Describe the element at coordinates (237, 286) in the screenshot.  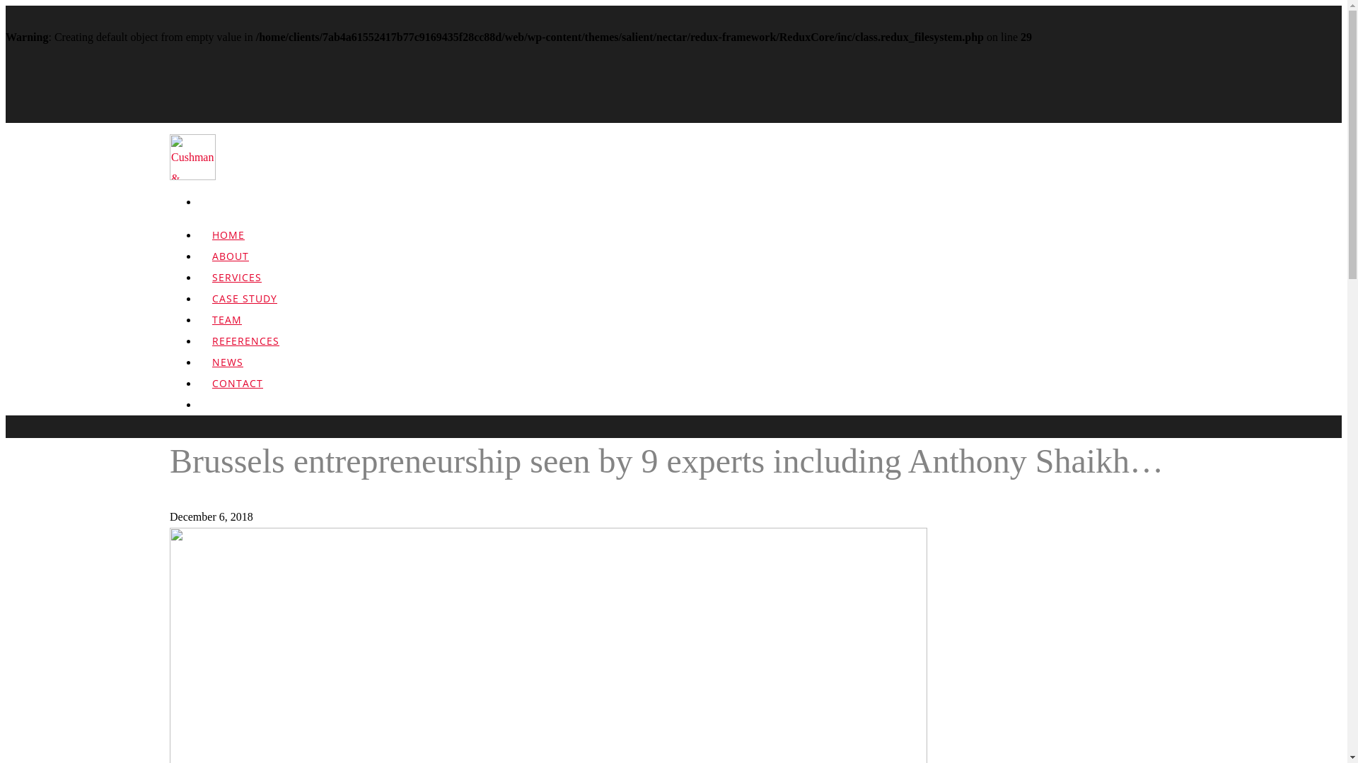
I see `'SERVICES'` at that location.